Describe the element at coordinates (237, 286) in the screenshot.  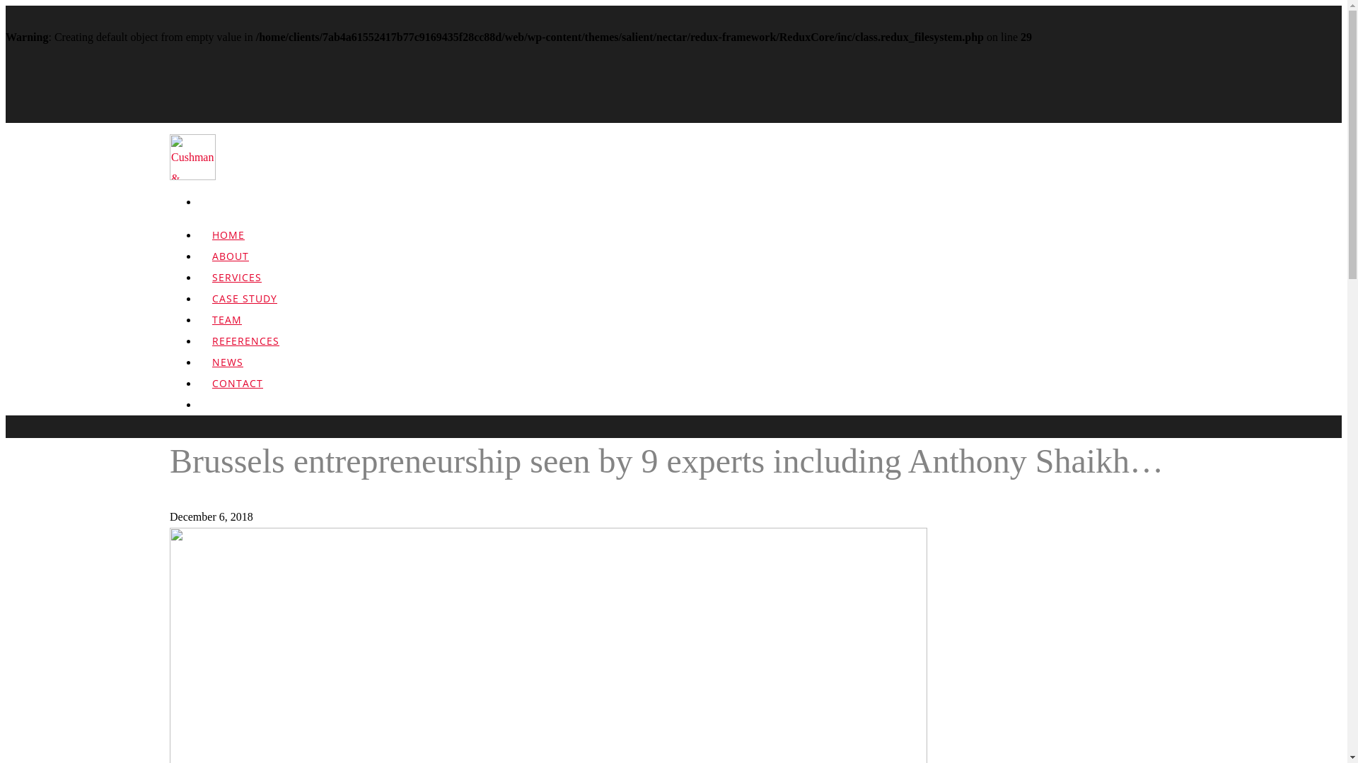
I see `'SERVICES'` at that location.